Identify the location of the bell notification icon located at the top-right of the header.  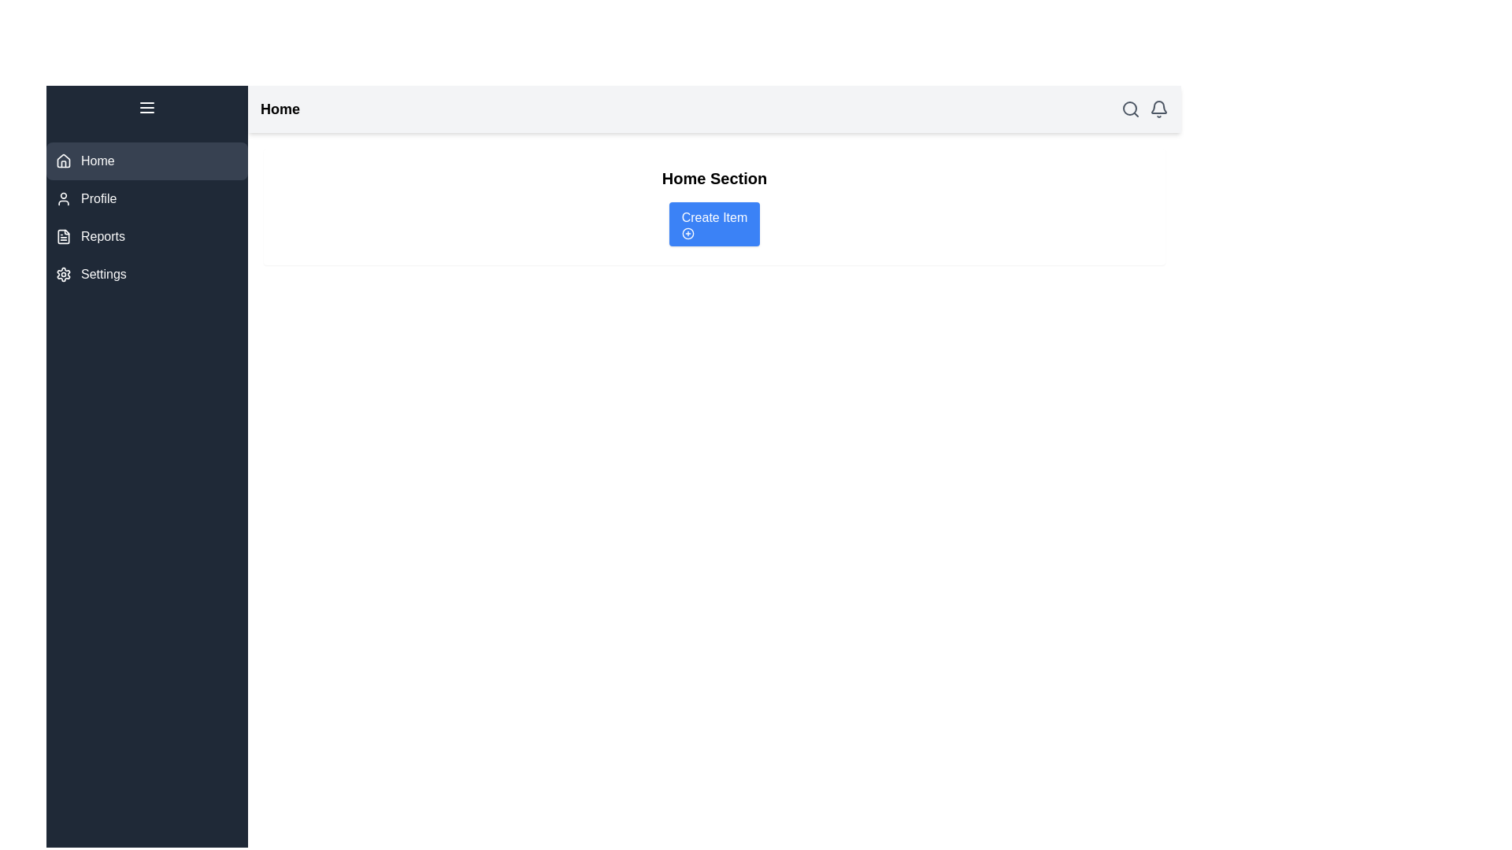
(1159, 108).